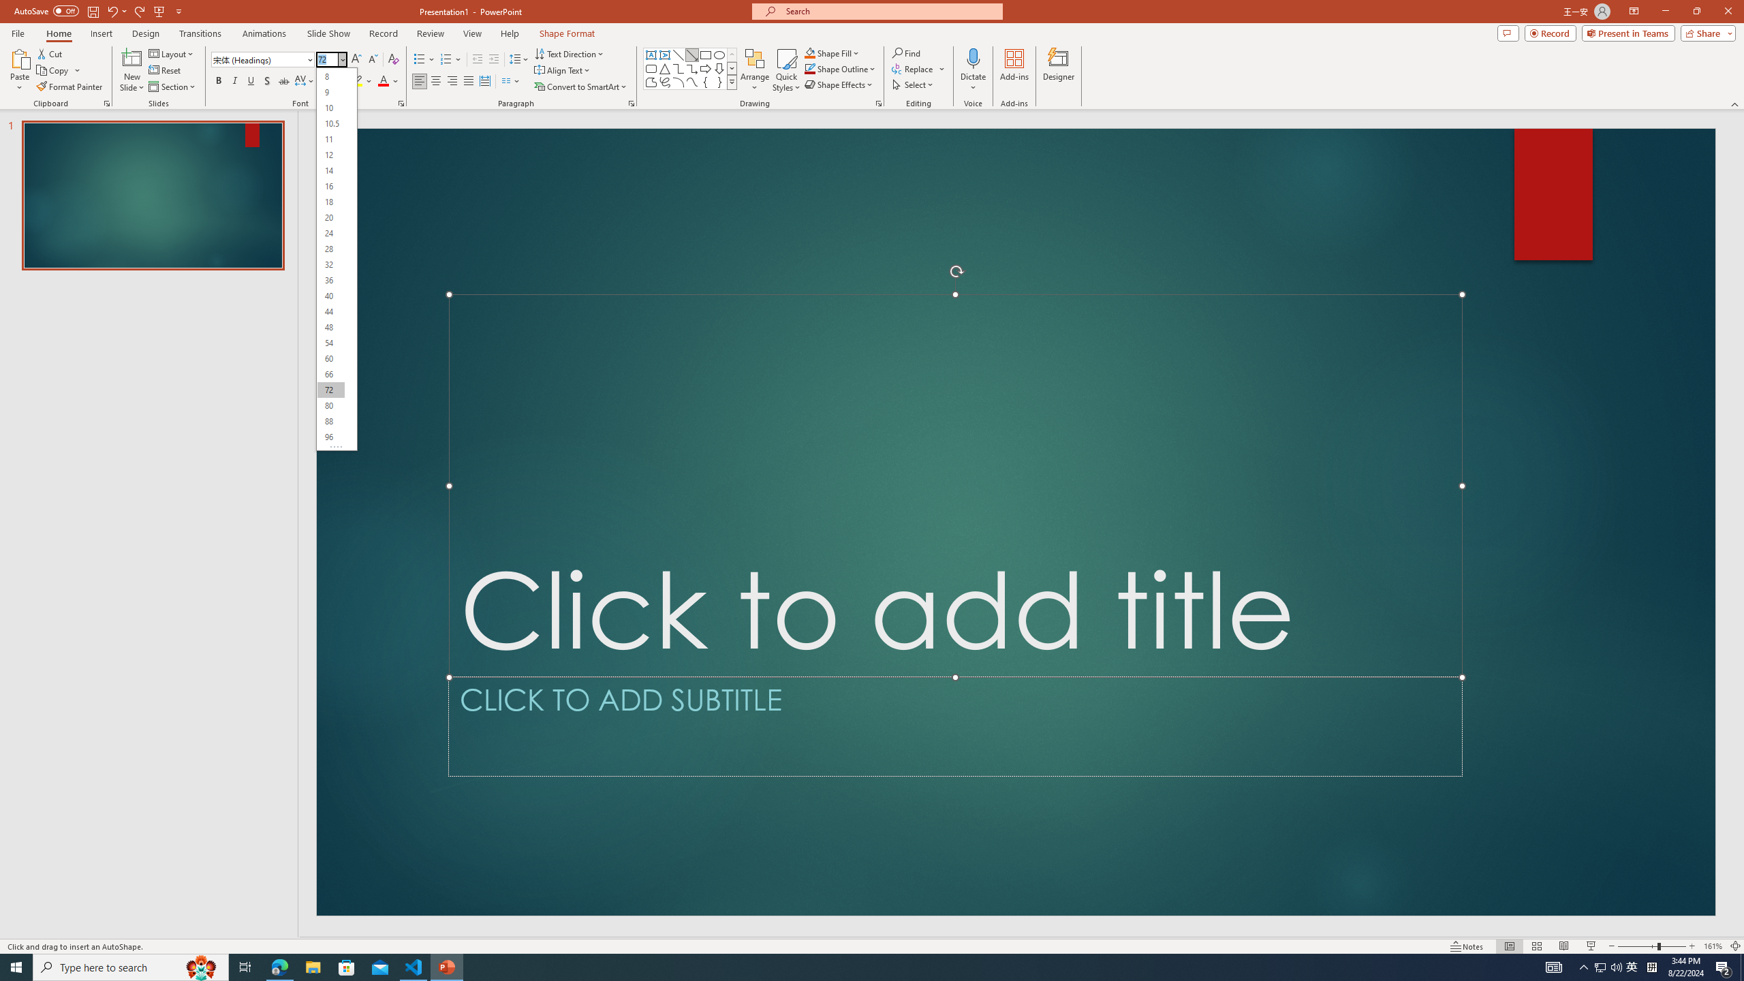 This screenshot has width=1744, height=981. Describe the element at coordinates (330, 326) in the screenshot. I see `'48'` at that location.